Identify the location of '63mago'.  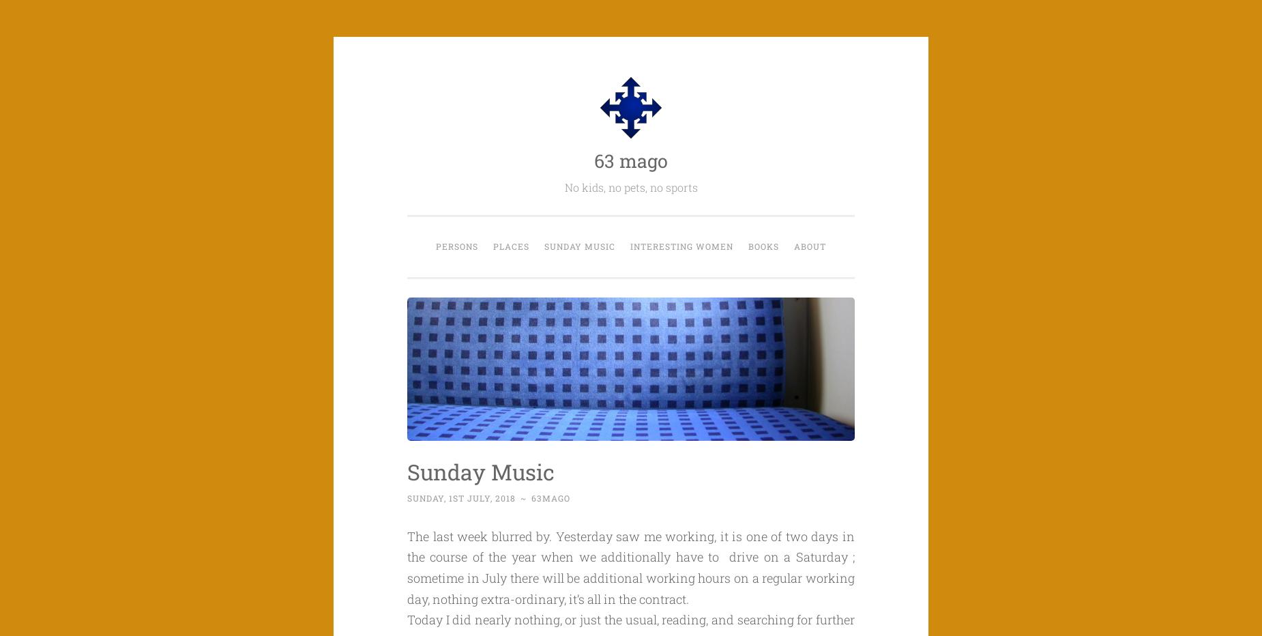
(531, 497).